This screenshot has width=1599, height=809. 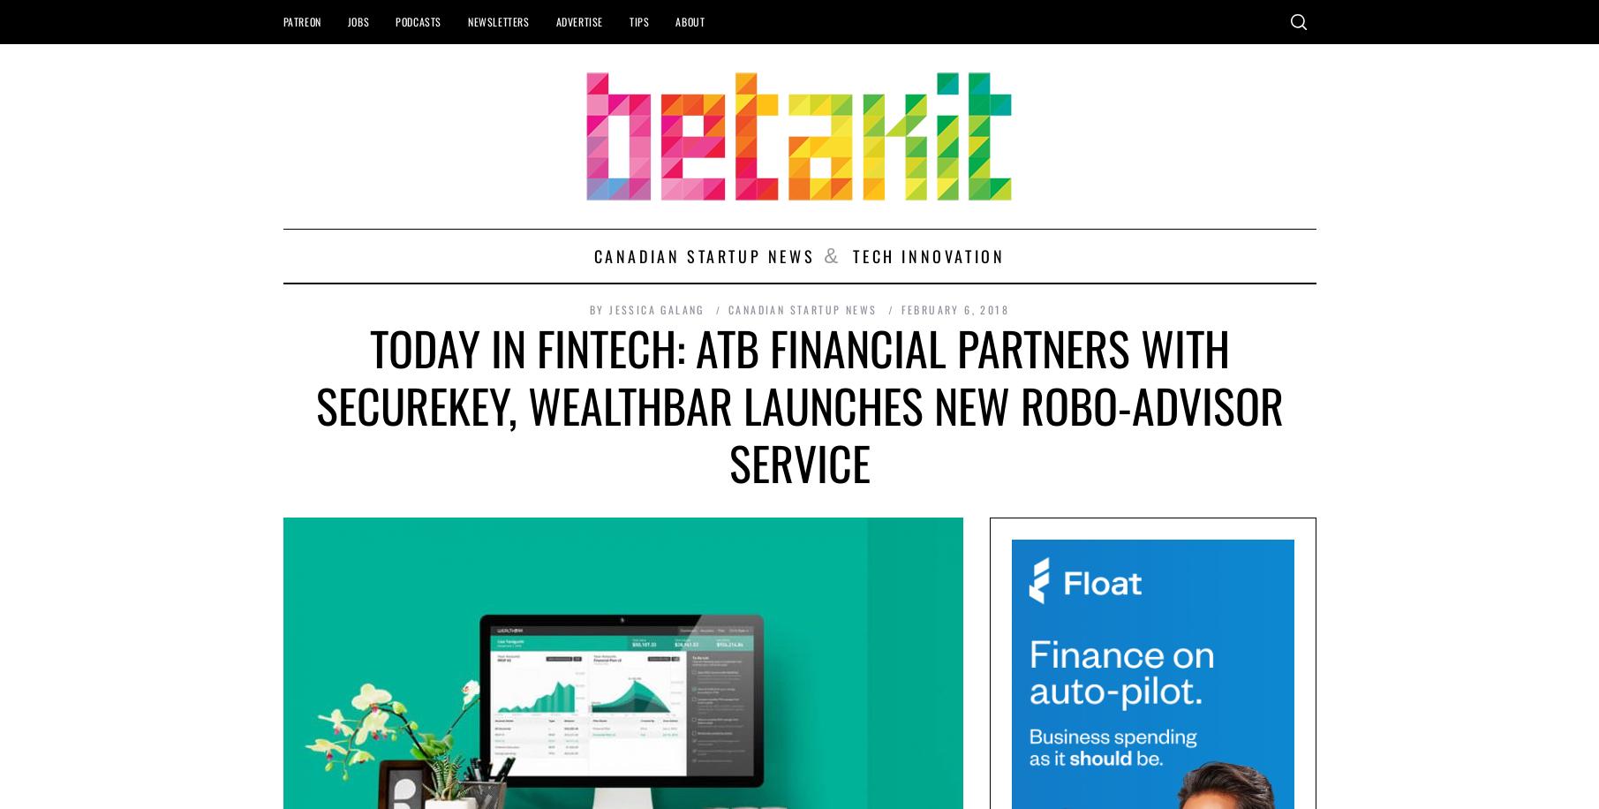 I want to click on 'Jessica Galang', so click(x=655, y=309).